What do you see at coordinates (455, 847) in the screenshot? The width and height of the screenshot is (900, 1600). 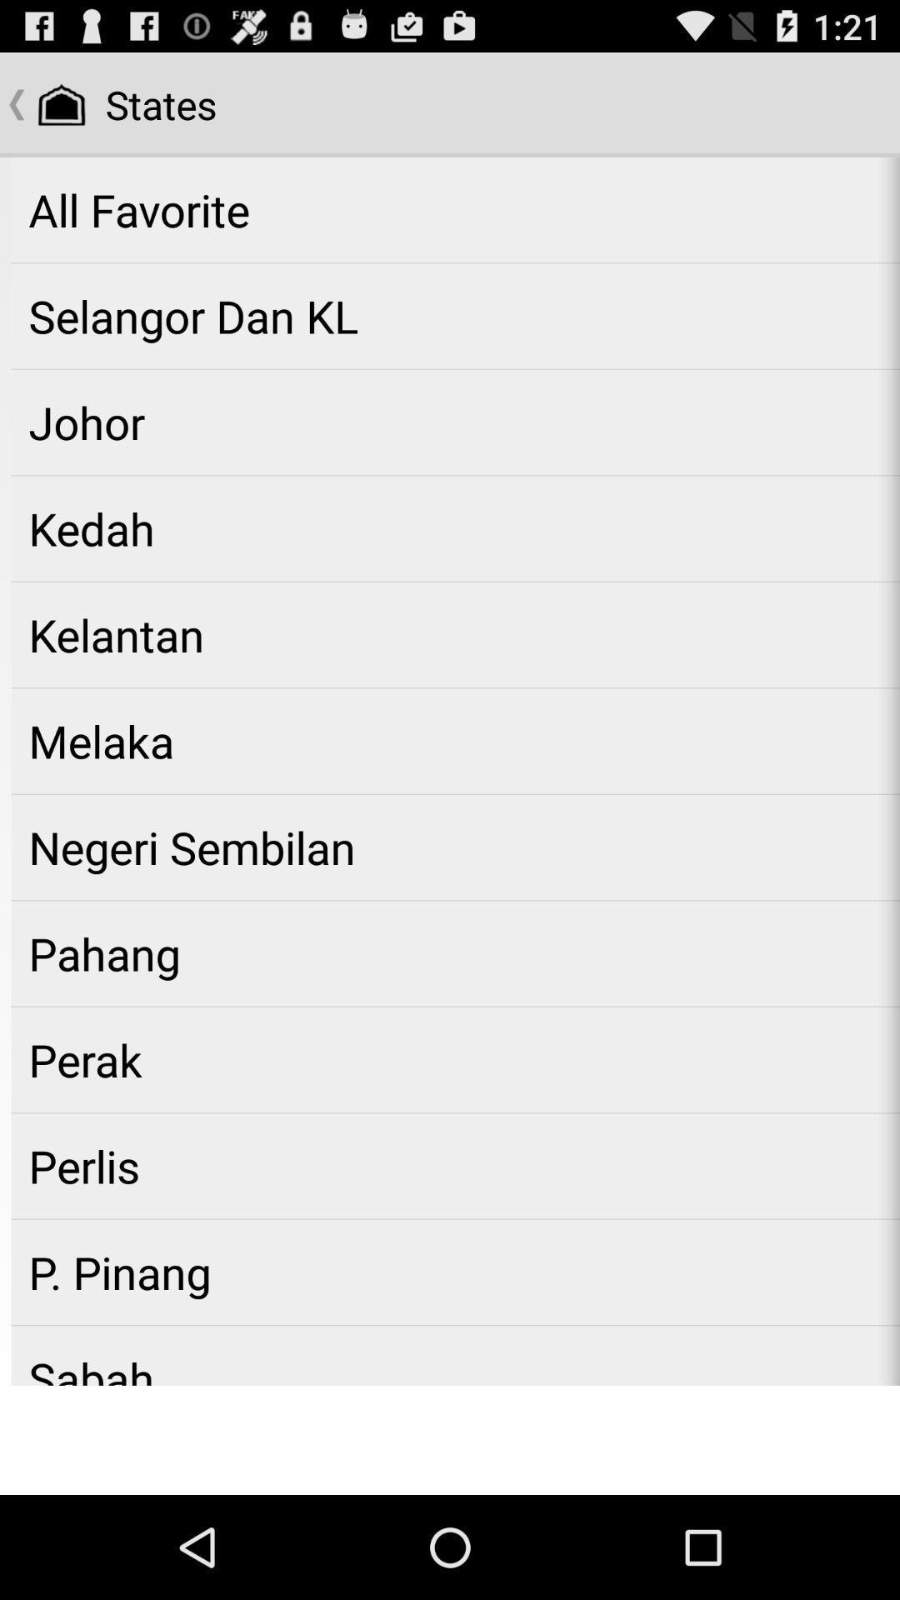 I see `the negeri sembilan item` at bounding box center [455, 847].